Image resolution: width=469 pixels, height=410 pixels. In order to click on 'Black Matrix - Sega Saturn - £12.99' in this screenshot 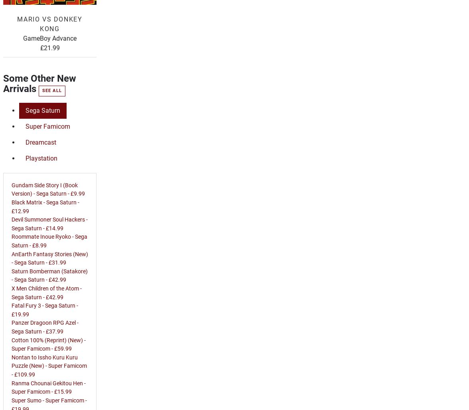, I will do `click(45, 206)`.